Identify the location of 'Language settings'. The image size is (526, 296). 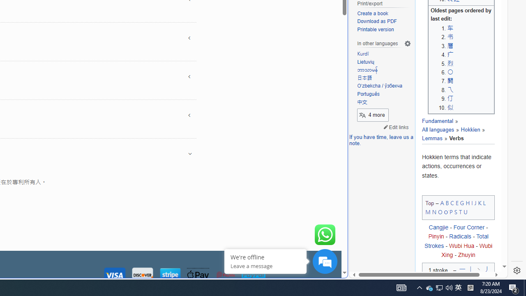
(408, 44).